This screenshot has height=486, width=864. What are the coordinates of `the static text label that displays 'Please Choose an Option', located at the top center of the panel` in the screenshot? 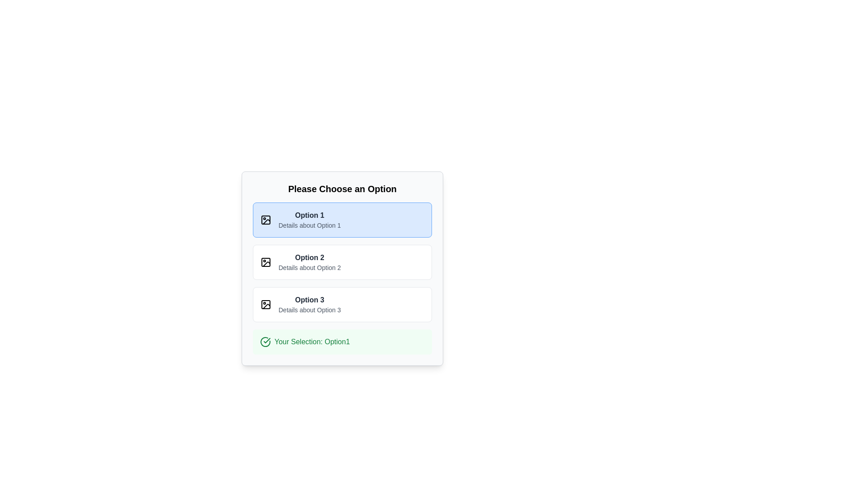 It's located at (342, 189).